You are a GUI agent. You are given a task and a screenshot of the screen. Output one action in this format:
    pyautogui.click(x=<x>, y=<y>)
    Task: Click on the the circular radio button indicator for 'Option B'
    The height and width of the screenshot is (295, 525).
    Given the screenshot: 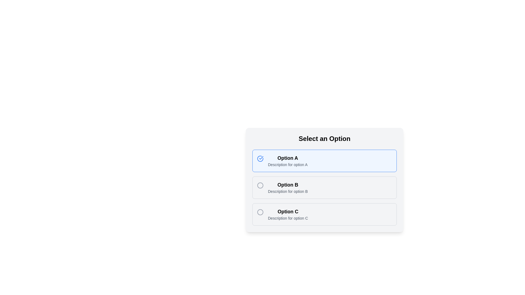 What is the action you would take?
    pyautogui.click(x=260, y=185)
    